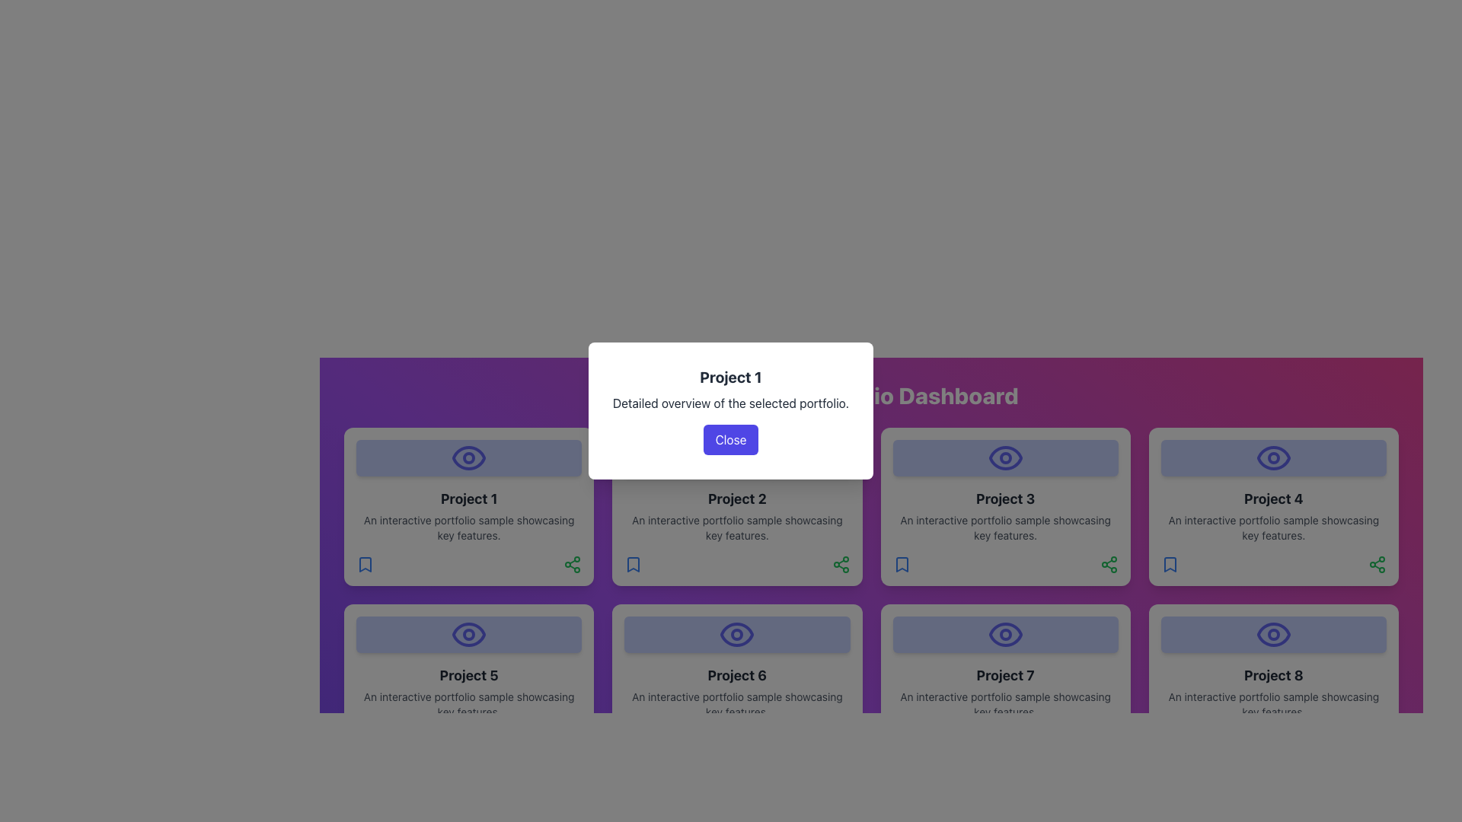 The height and width of the screenshot is (822, 1462). I want to click on the bookmark icon located at the bottom left corner of the 'Project 2' card to bookmark or unbookmark it, so click(634, 564).